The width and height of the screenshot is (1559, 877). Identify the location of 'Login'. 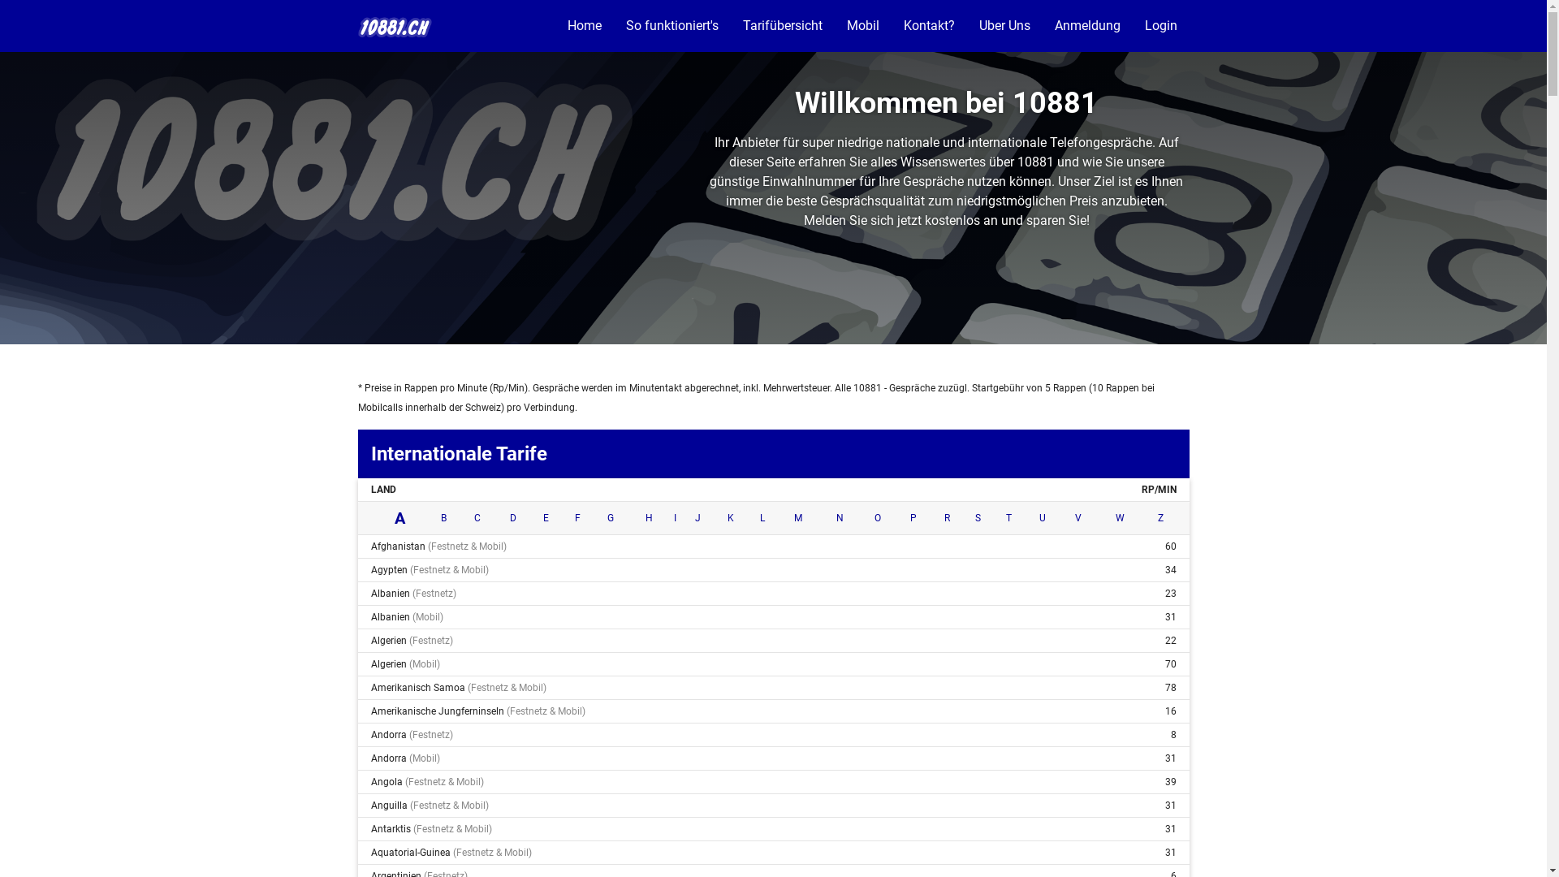
(1160, 25).